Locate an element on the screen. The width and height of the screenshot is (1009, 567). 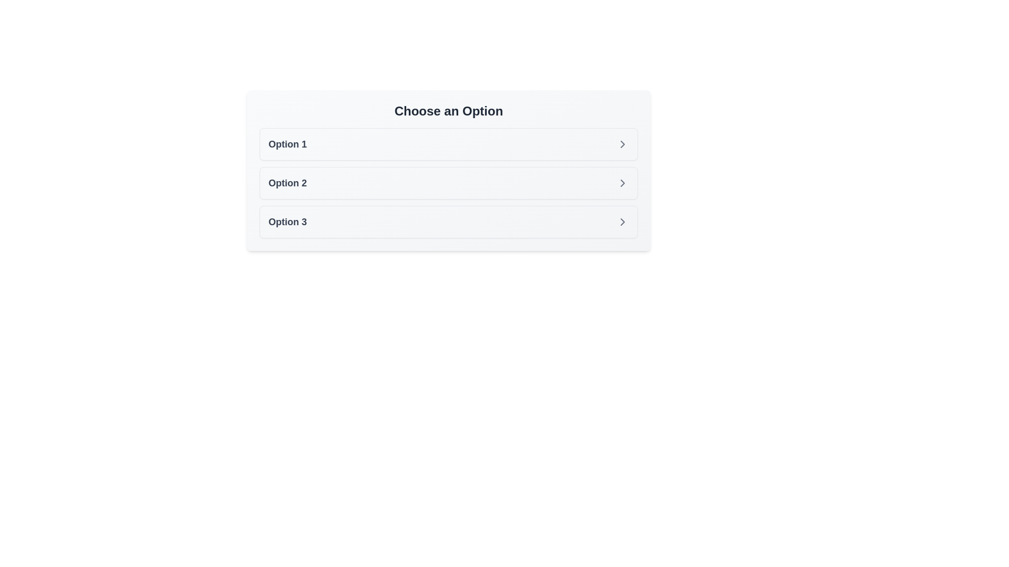
the Chevron Icon located at the far right of the 'Option 1' item is located at coordinates (623, 144).